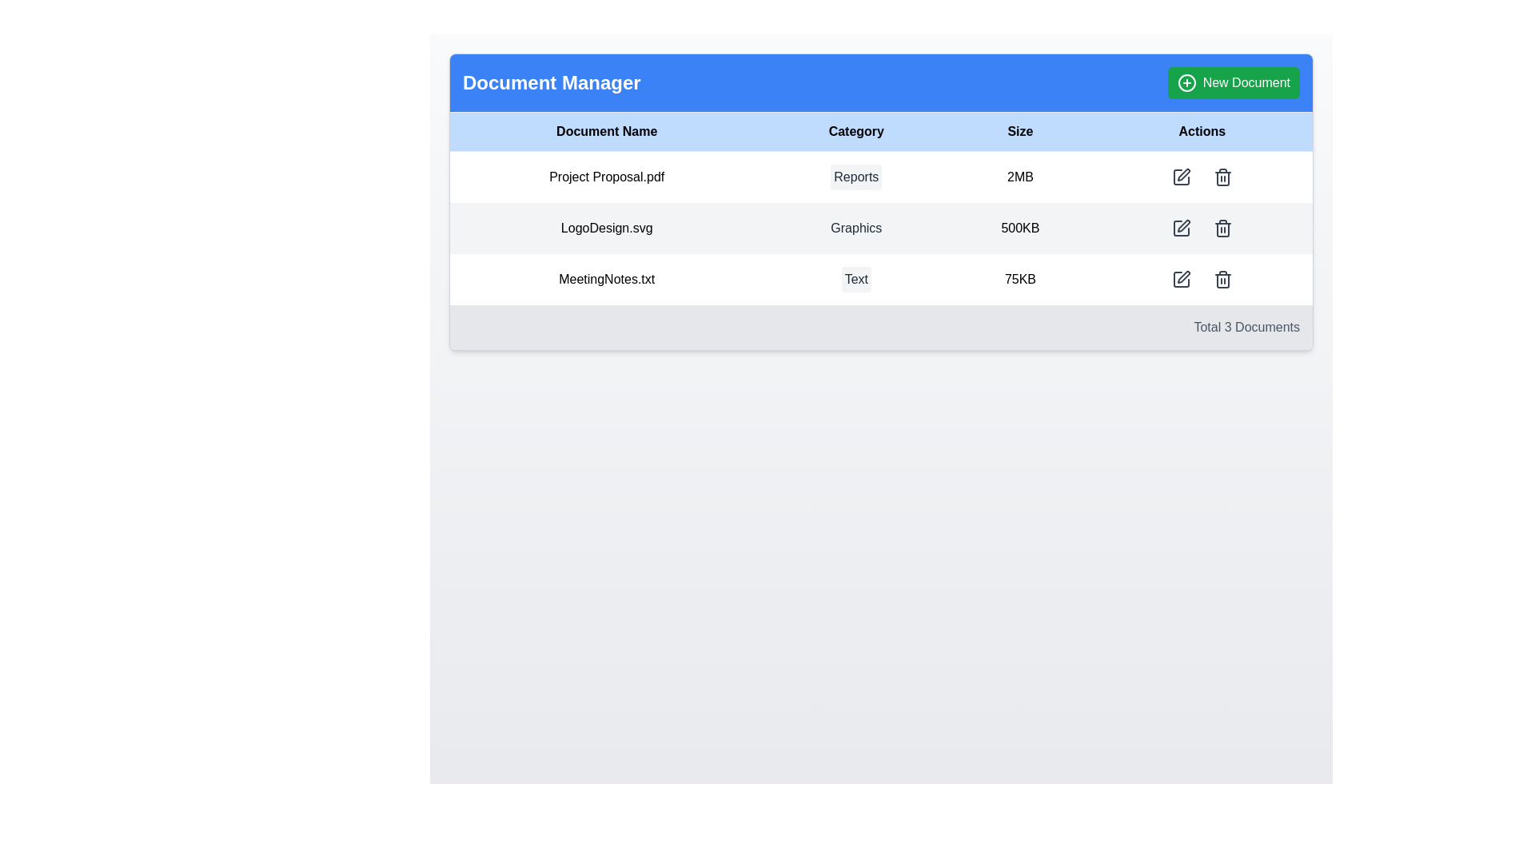 This screenshot has height=863, width=1535. Describe the element at coordinates (1181, 228) in the screenshot. I see `the vector graphic line forming a square within the 'Actions' column of the second row labeled 'LogoDesign.svg'` at that location.